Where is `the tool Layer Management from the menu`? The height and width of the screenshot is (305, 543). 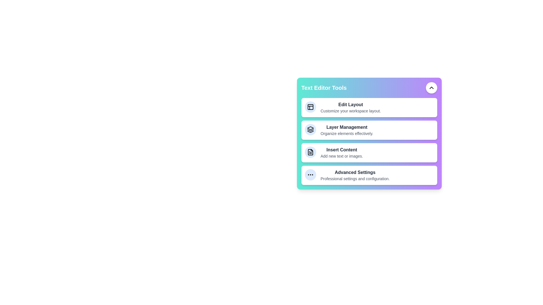
the tool Layer Management from the menu is located at coordinates (339, 121).